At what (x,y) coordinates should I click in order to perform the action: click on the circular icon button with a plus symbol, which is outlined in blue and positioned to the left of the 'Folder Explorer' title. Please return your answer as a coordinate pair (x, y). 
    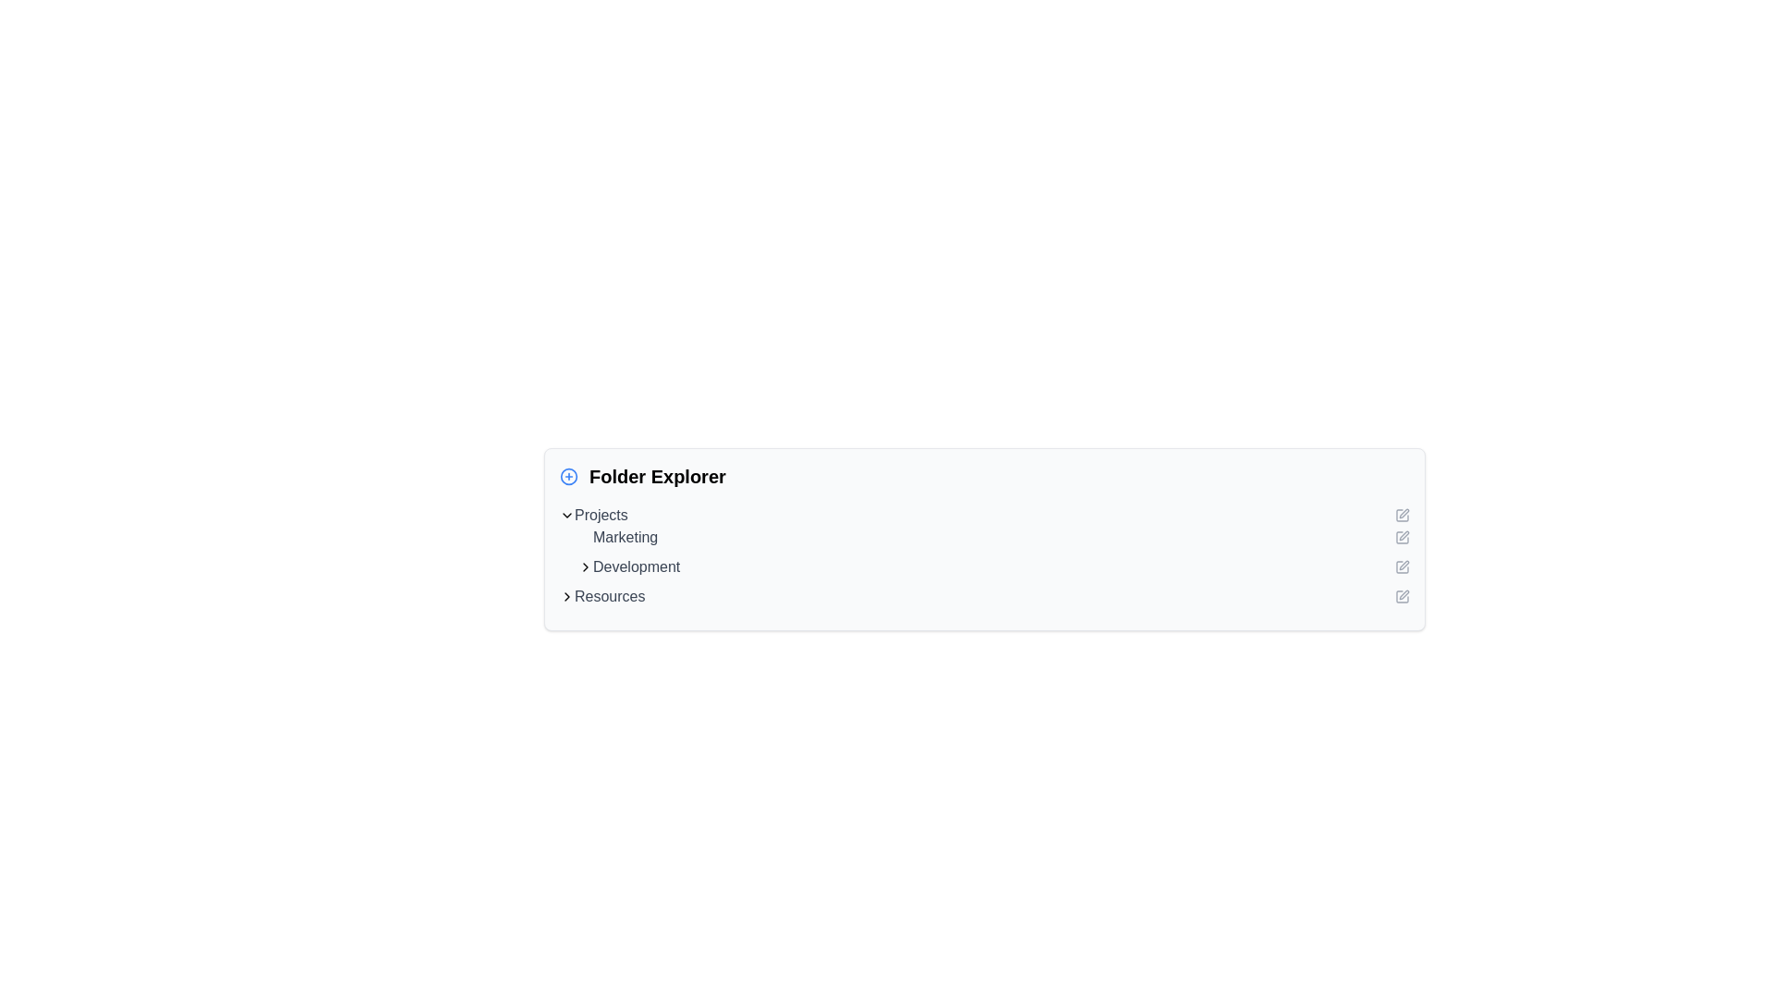
    Looking at the image, I should click on (567, 476).